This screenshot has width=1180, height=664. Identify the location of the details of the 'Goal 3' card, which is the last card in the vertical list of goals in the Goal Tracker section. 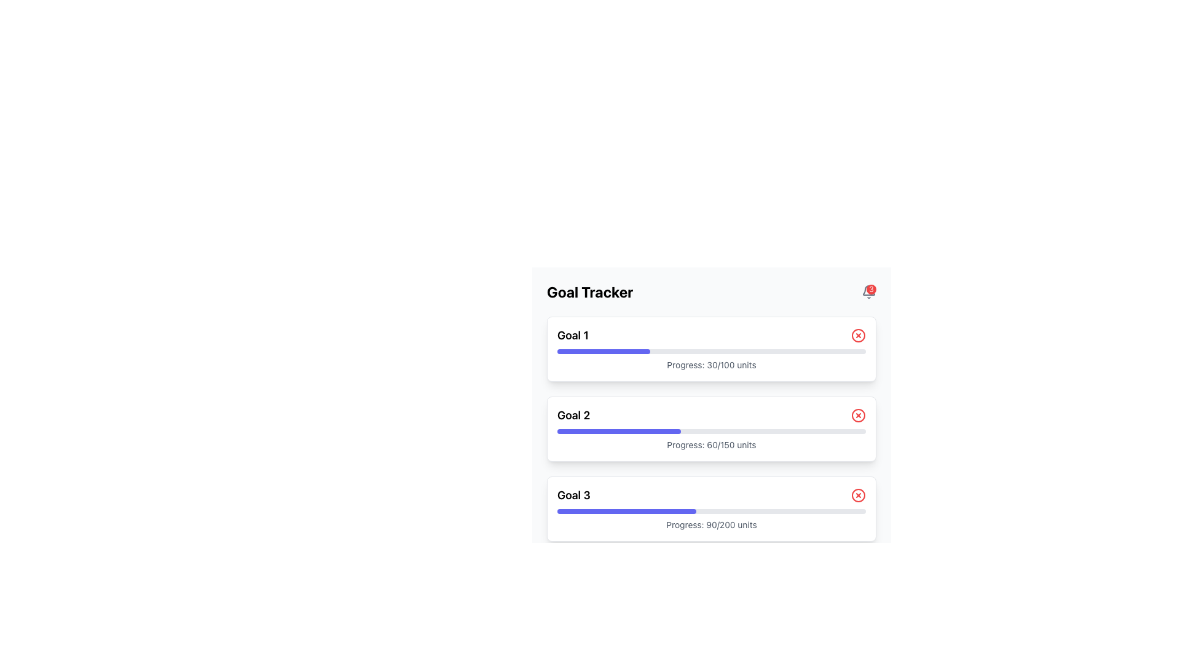
(711, 509).